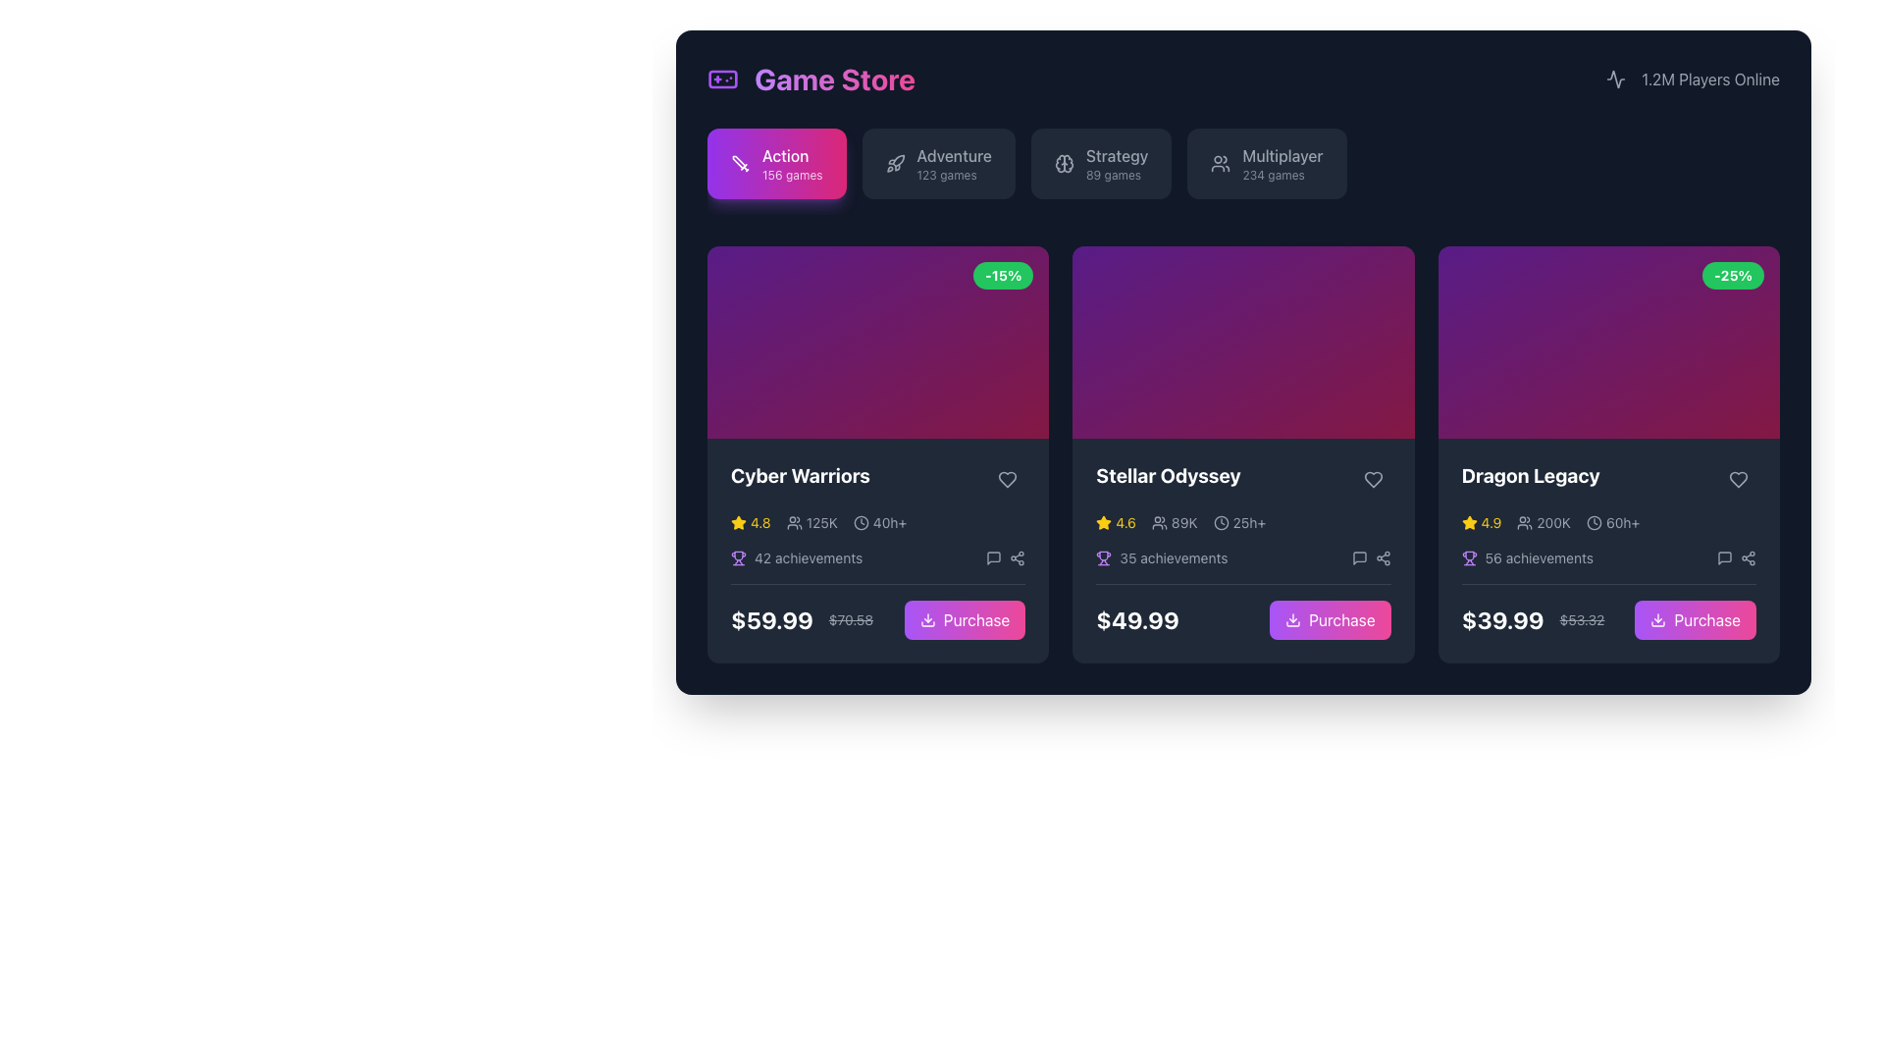 The width and height of the screenshot is (1884, 1060). I want to click on the purchase button for the 'Cyber Warriors' game located at the bottom-right corner of the game card, so click(965, 619).